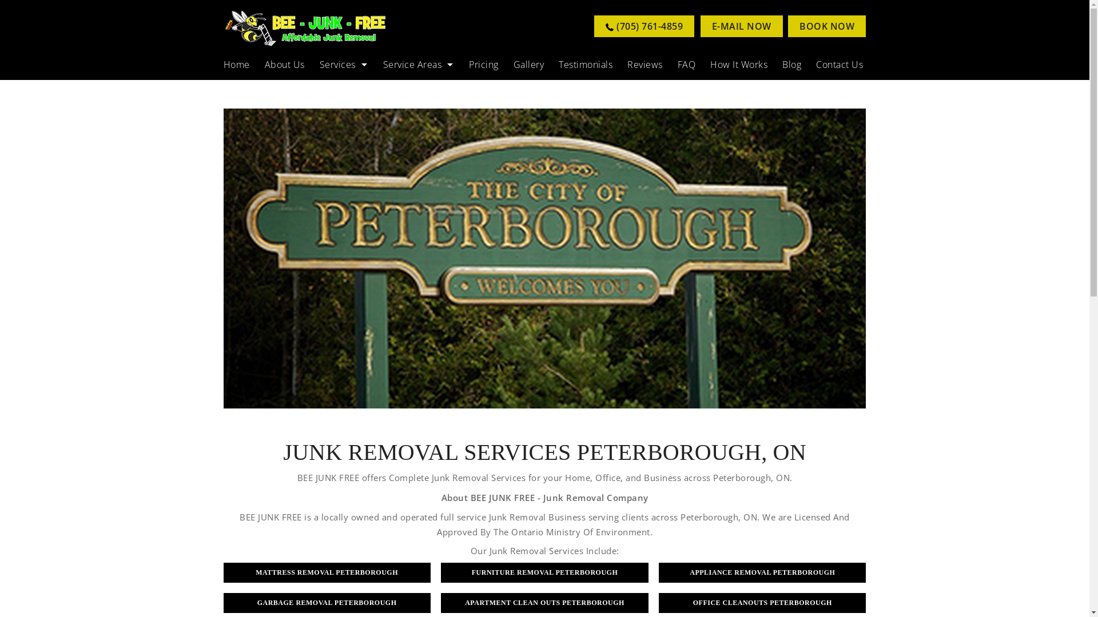 The height and width of the screenshot is (617, 1098). I want to click on 'Gallery', so click(528, 65).